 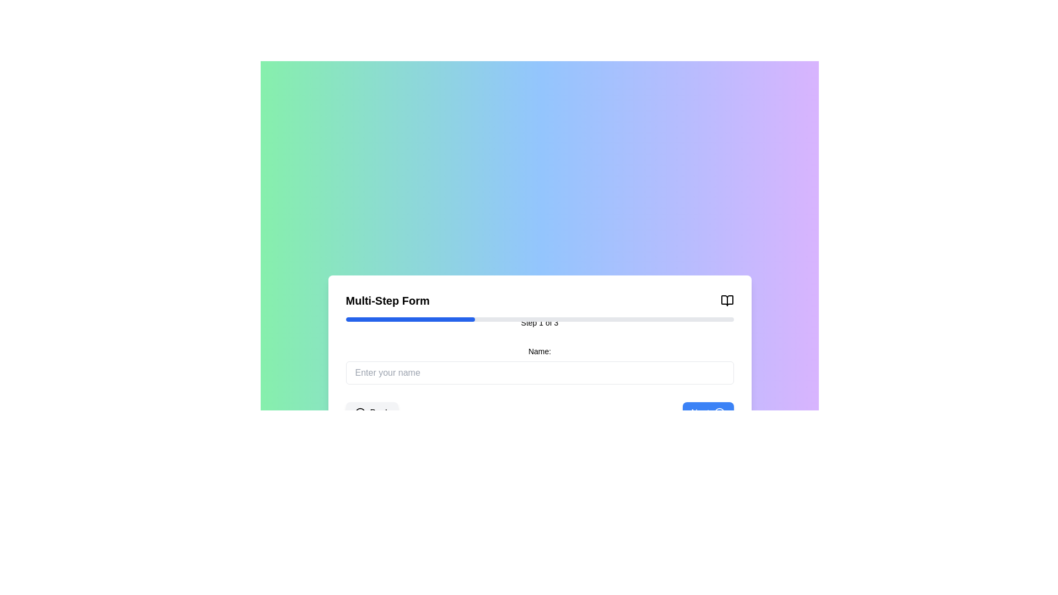 I want to click on the horizontal progress bar located below the 'Multi-Step Form' heading and above the 'Step 1 of 3' text, which has a light gray background and a blue section indicating progress, so click(x=539, y=319).